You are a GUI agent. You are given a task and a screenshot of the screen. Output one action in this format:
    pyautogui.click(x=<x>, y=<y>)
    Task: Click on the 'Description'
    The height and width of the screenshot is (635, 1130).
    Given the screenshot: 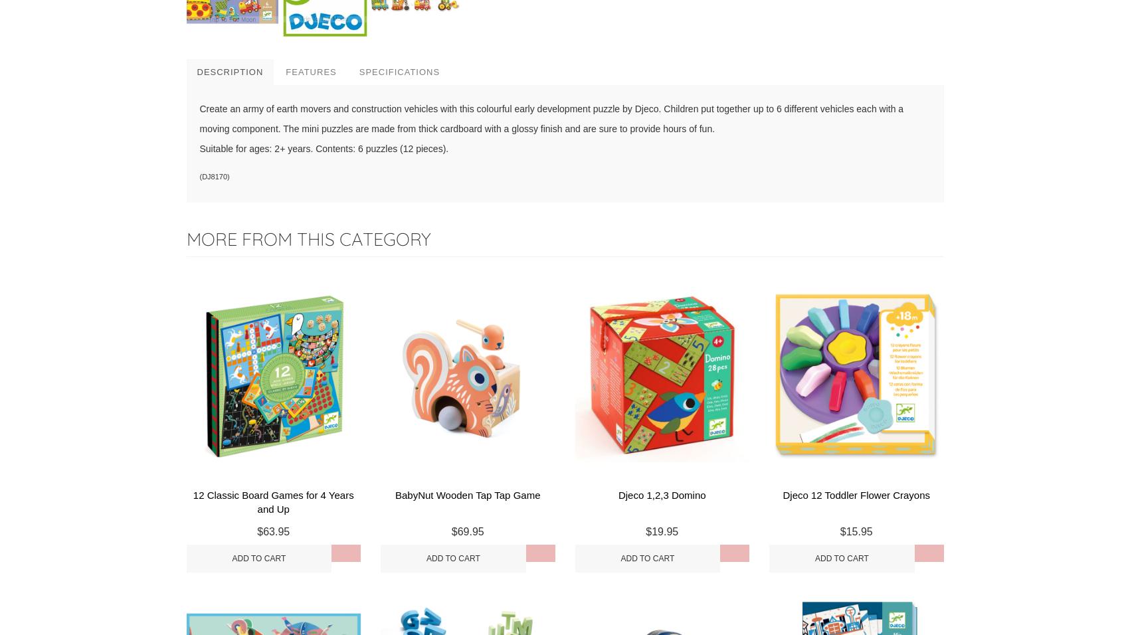 What is the action you would take?
    pyautogui.click(x=229, y=70)
    